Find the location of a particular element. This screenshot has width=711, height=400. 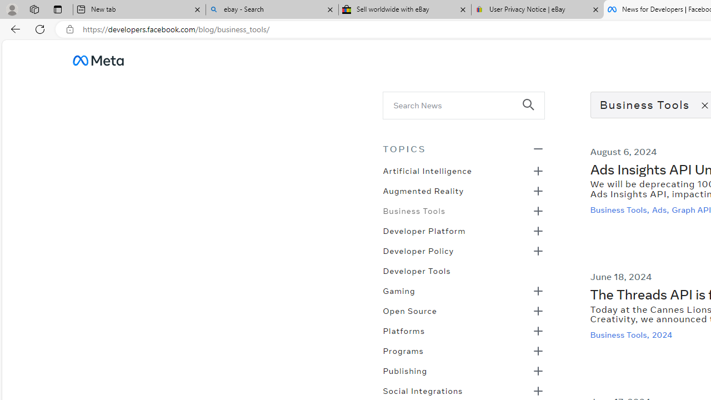

'Workspaces' is located at coordinates (34, 9).